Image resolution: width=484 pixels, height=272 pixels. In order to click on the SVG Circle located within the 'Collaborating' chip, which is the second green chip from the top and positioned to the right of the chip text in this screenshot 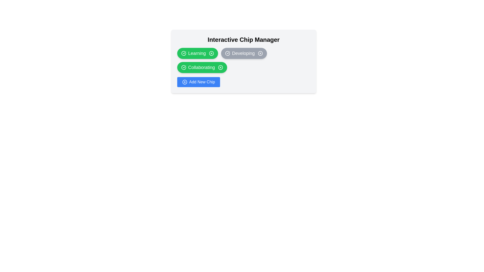, I will do `click(220, 67)`.